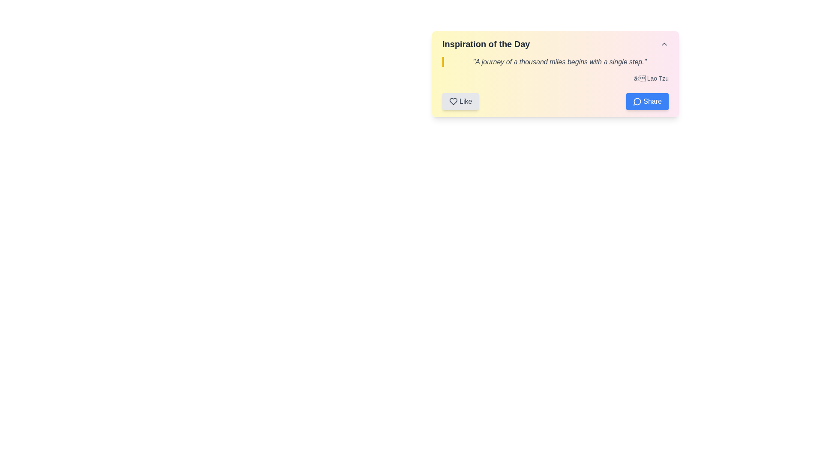 The width and height of the screenshot is (823, 463). I want to click on the toggle button in the top-right corner of the 'Inspiration of the Day' bar, so click(664, 44).